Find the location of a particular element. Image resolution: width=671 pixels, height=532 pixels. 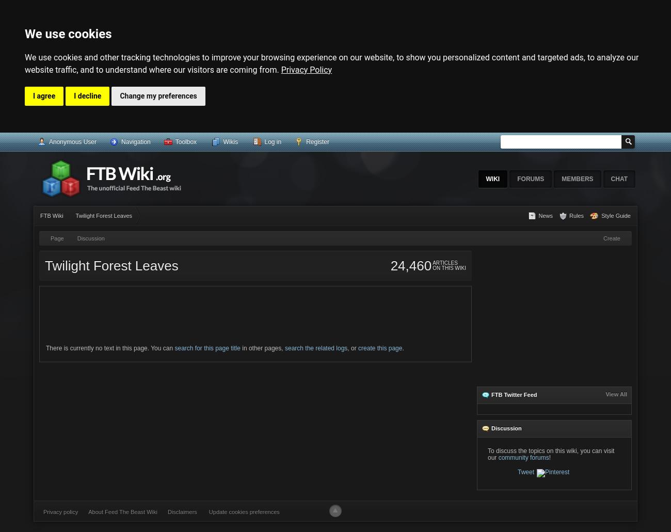

'Anonymous User' is located at coordinates (72, 141).